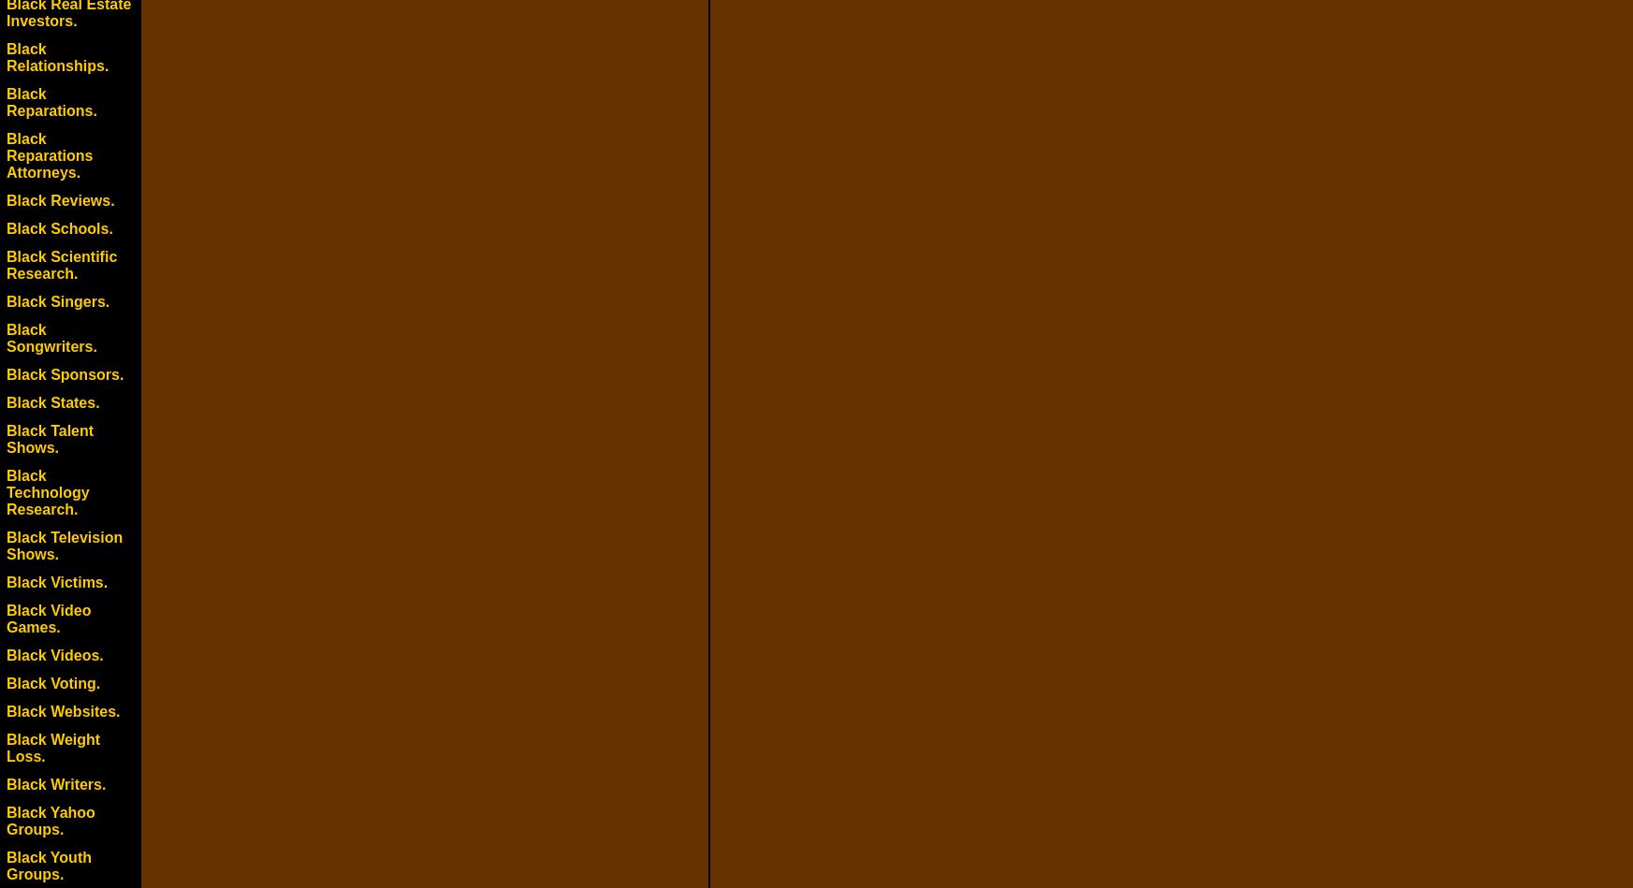  What do you see at coordinates (48, 865) in the screenshot?
I see `'Black Youth Groups.'` at bounding box center [48, 865].